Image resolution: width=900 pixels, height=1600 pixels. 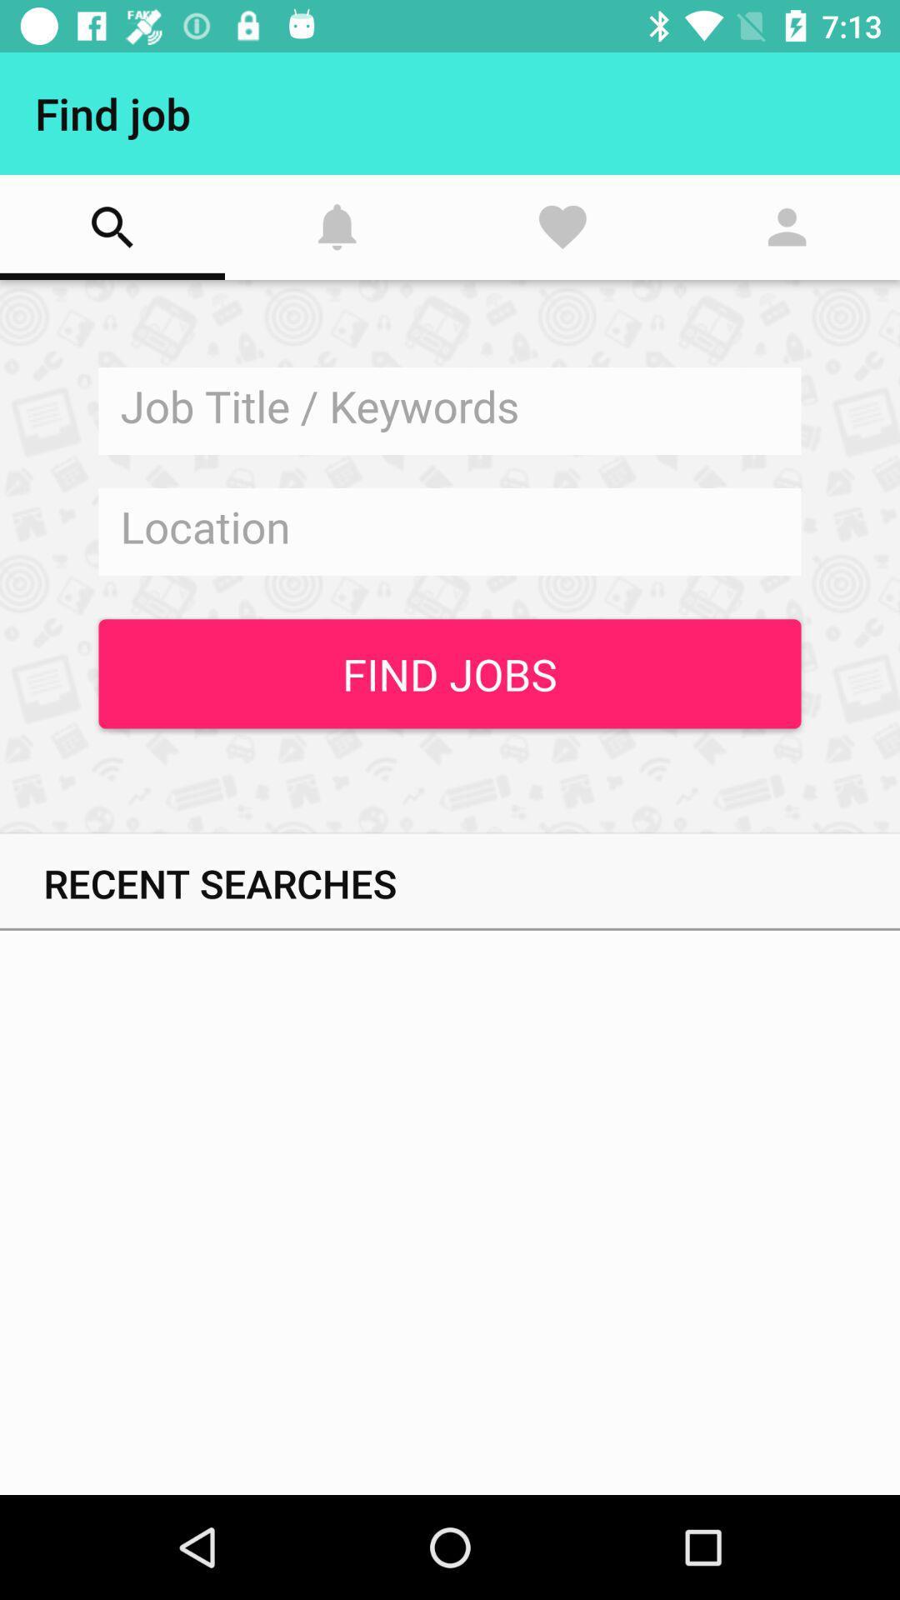 What do you see at coordinates (450, 411) in the screenshot?
I see `job tittle keywords` at bounding box center [450, 411].